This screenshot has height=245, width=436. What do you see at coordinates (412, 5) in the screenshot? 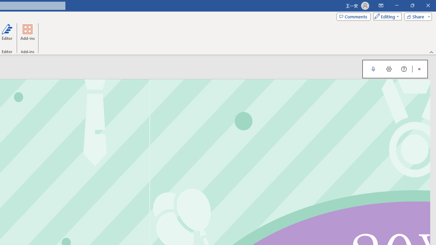
I see `'Restore Down'` at bounding box center [412, 5].